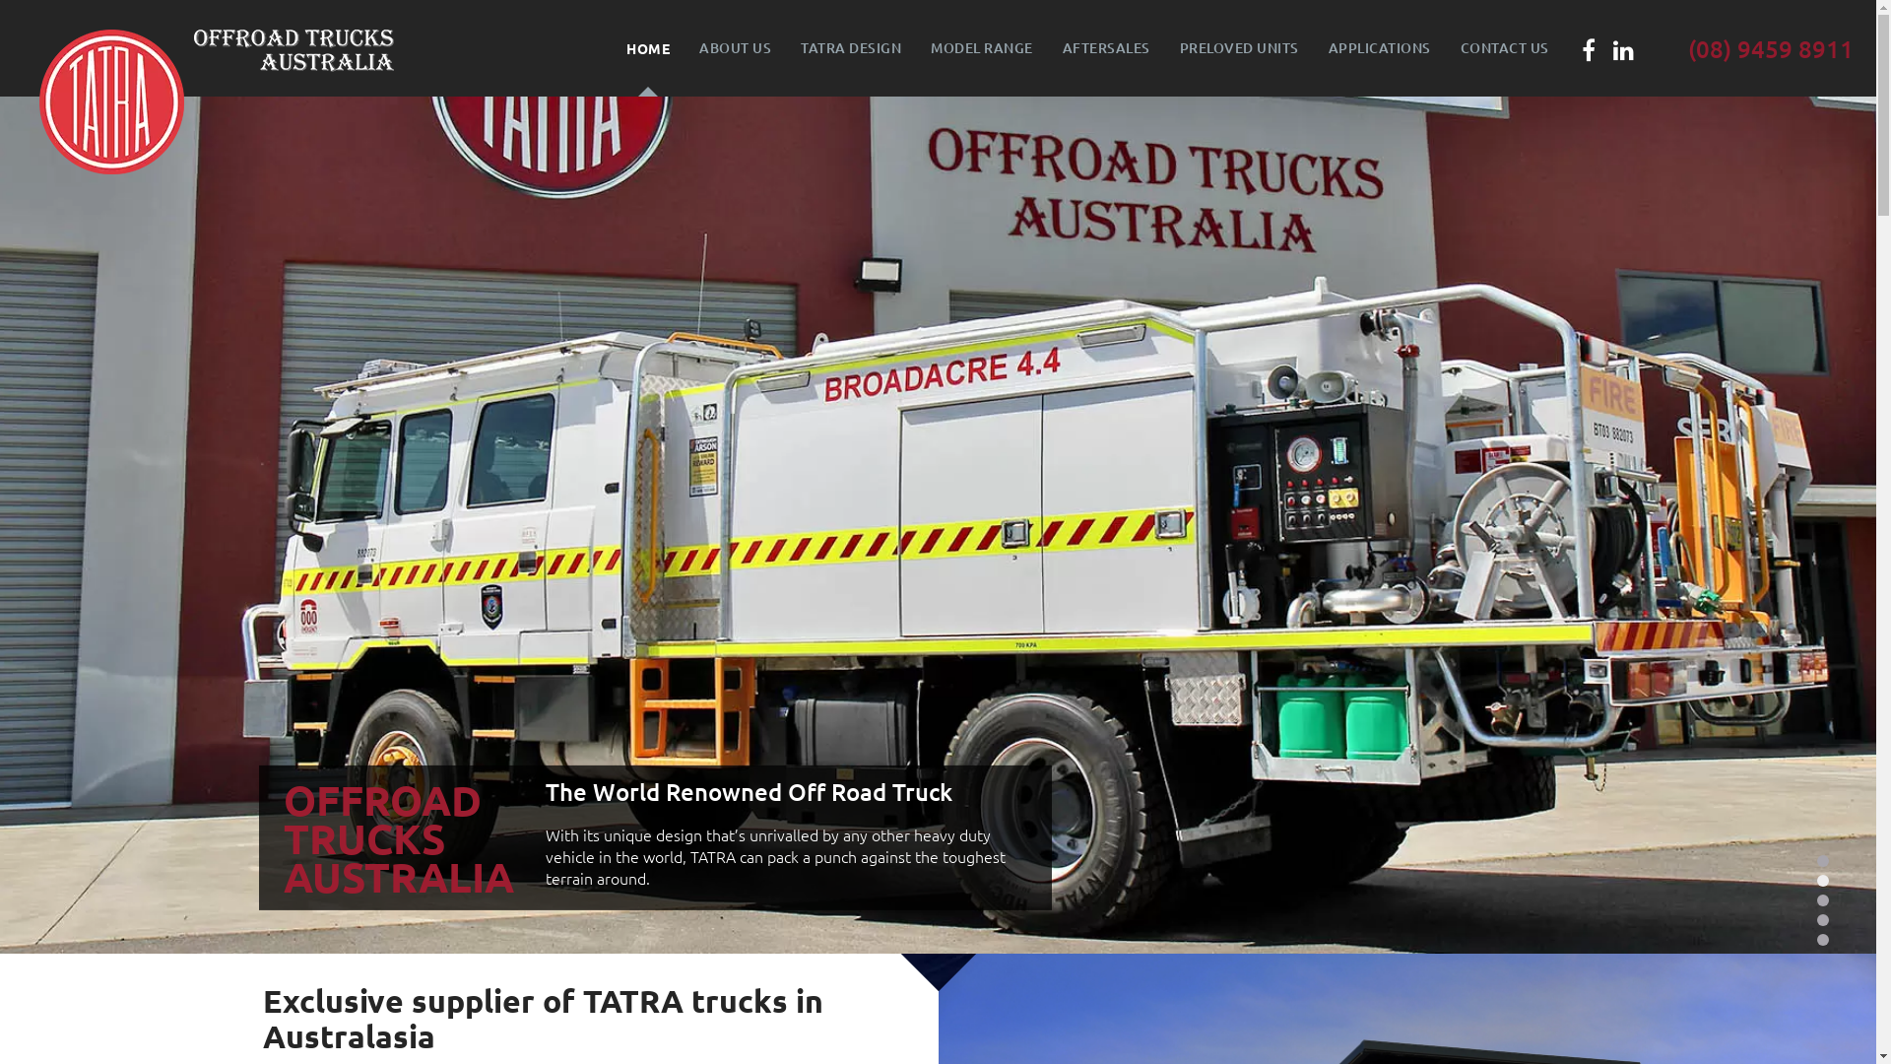 The image size is (1891, 1064). What do you see at coordinates (1503, 47) in the screenshot?
I see `'CONTACT US'` at bounding box center [1503, 47].